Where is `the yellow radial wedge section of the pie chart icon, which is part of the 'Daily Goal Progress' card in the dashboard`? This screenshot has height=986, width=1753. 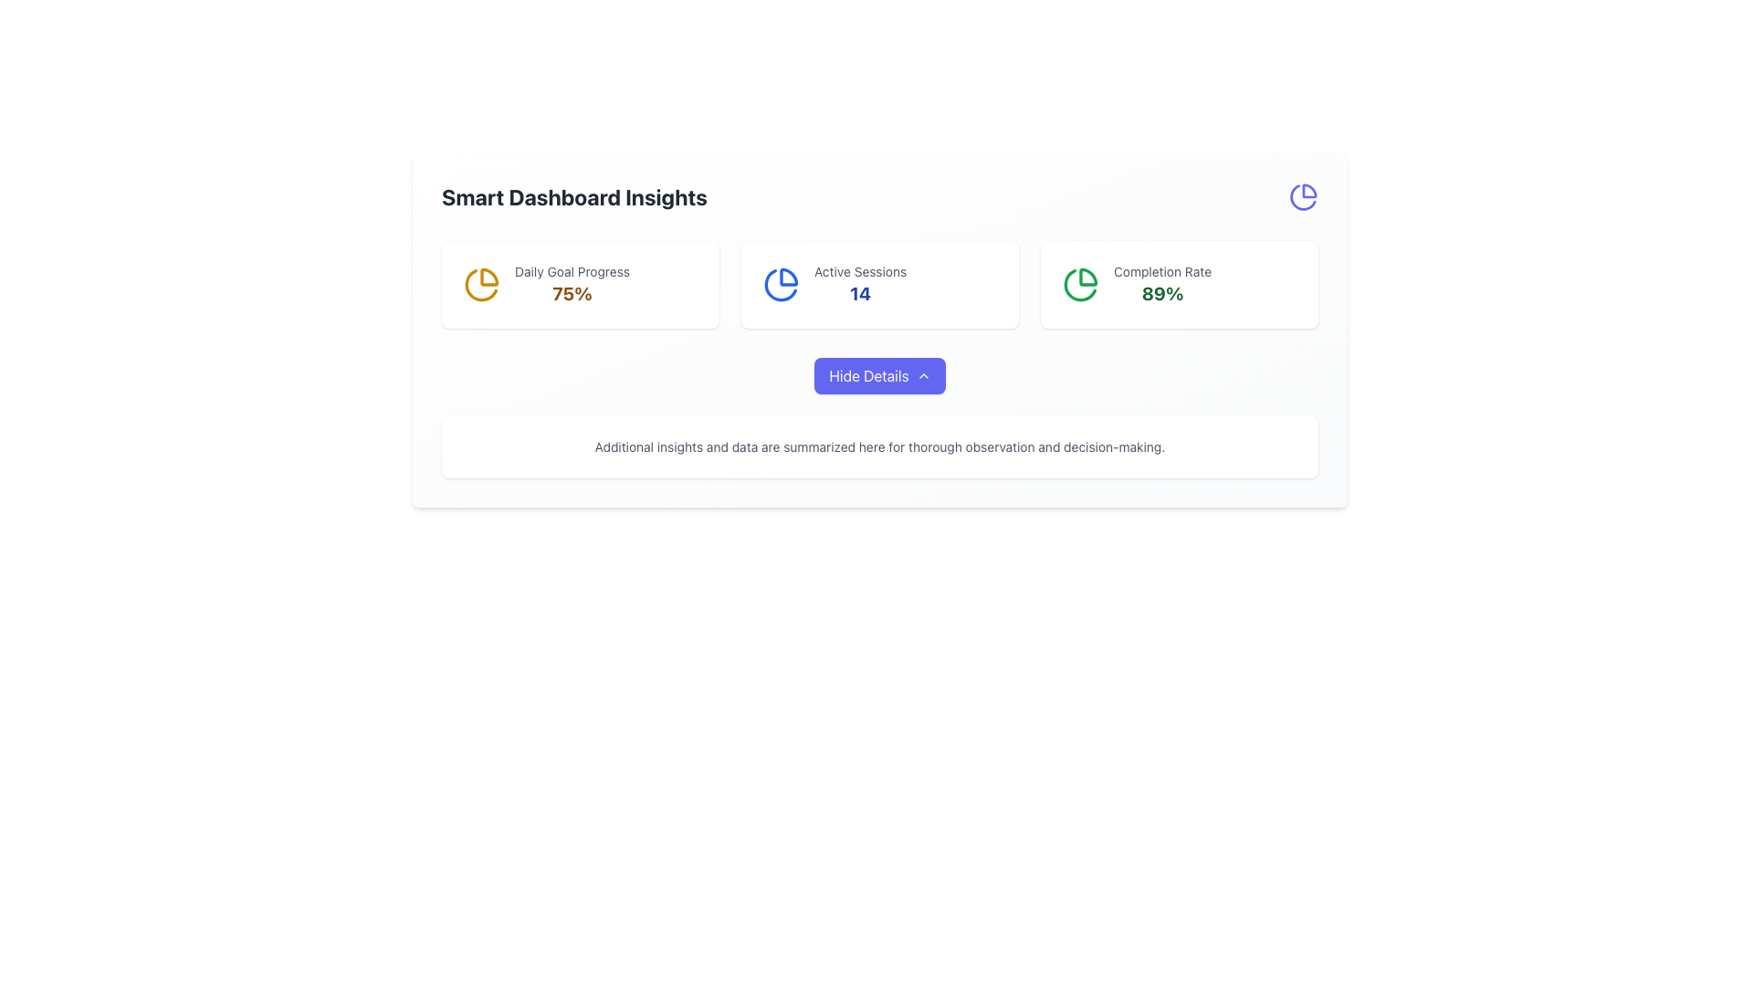
the yellow radial wedge section of the pie chart icon, which is part of the 'Daily Goal Progress' card in the dashboard is located at coordinates (489, 277).